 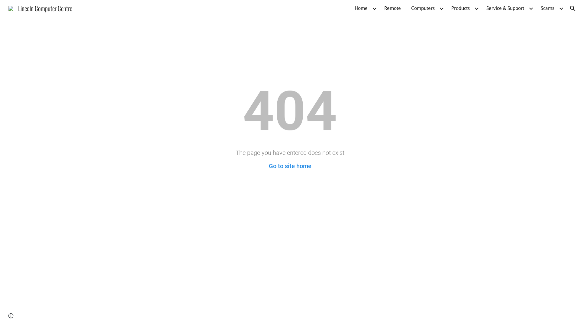 What do you see at coordinates (392, 8) in the screenshot?
I see `'Remote'` at bounding box center [392, 8].